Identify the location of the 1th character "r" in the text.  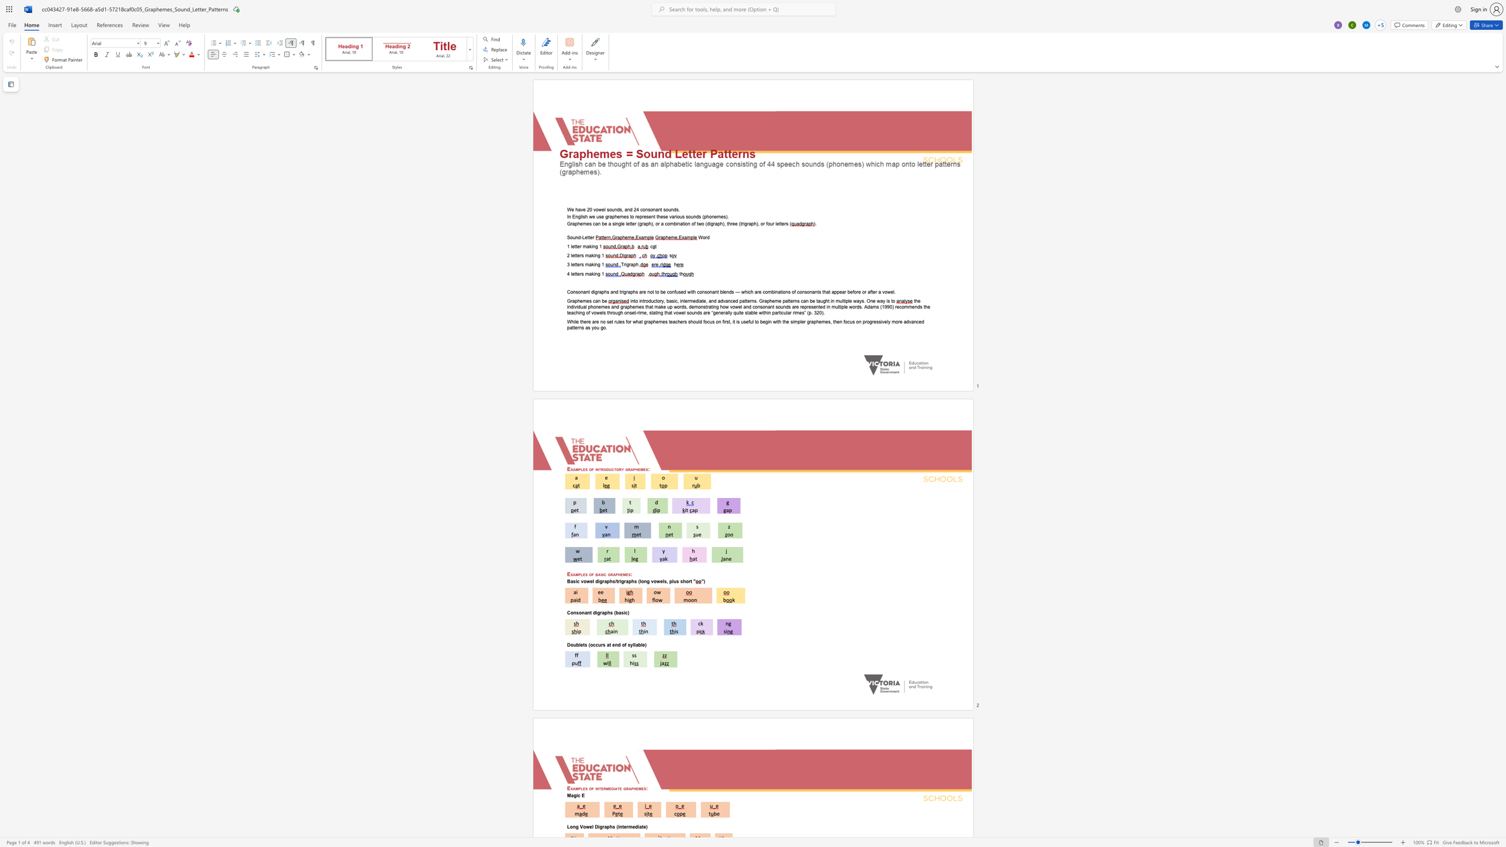
(593, 237).